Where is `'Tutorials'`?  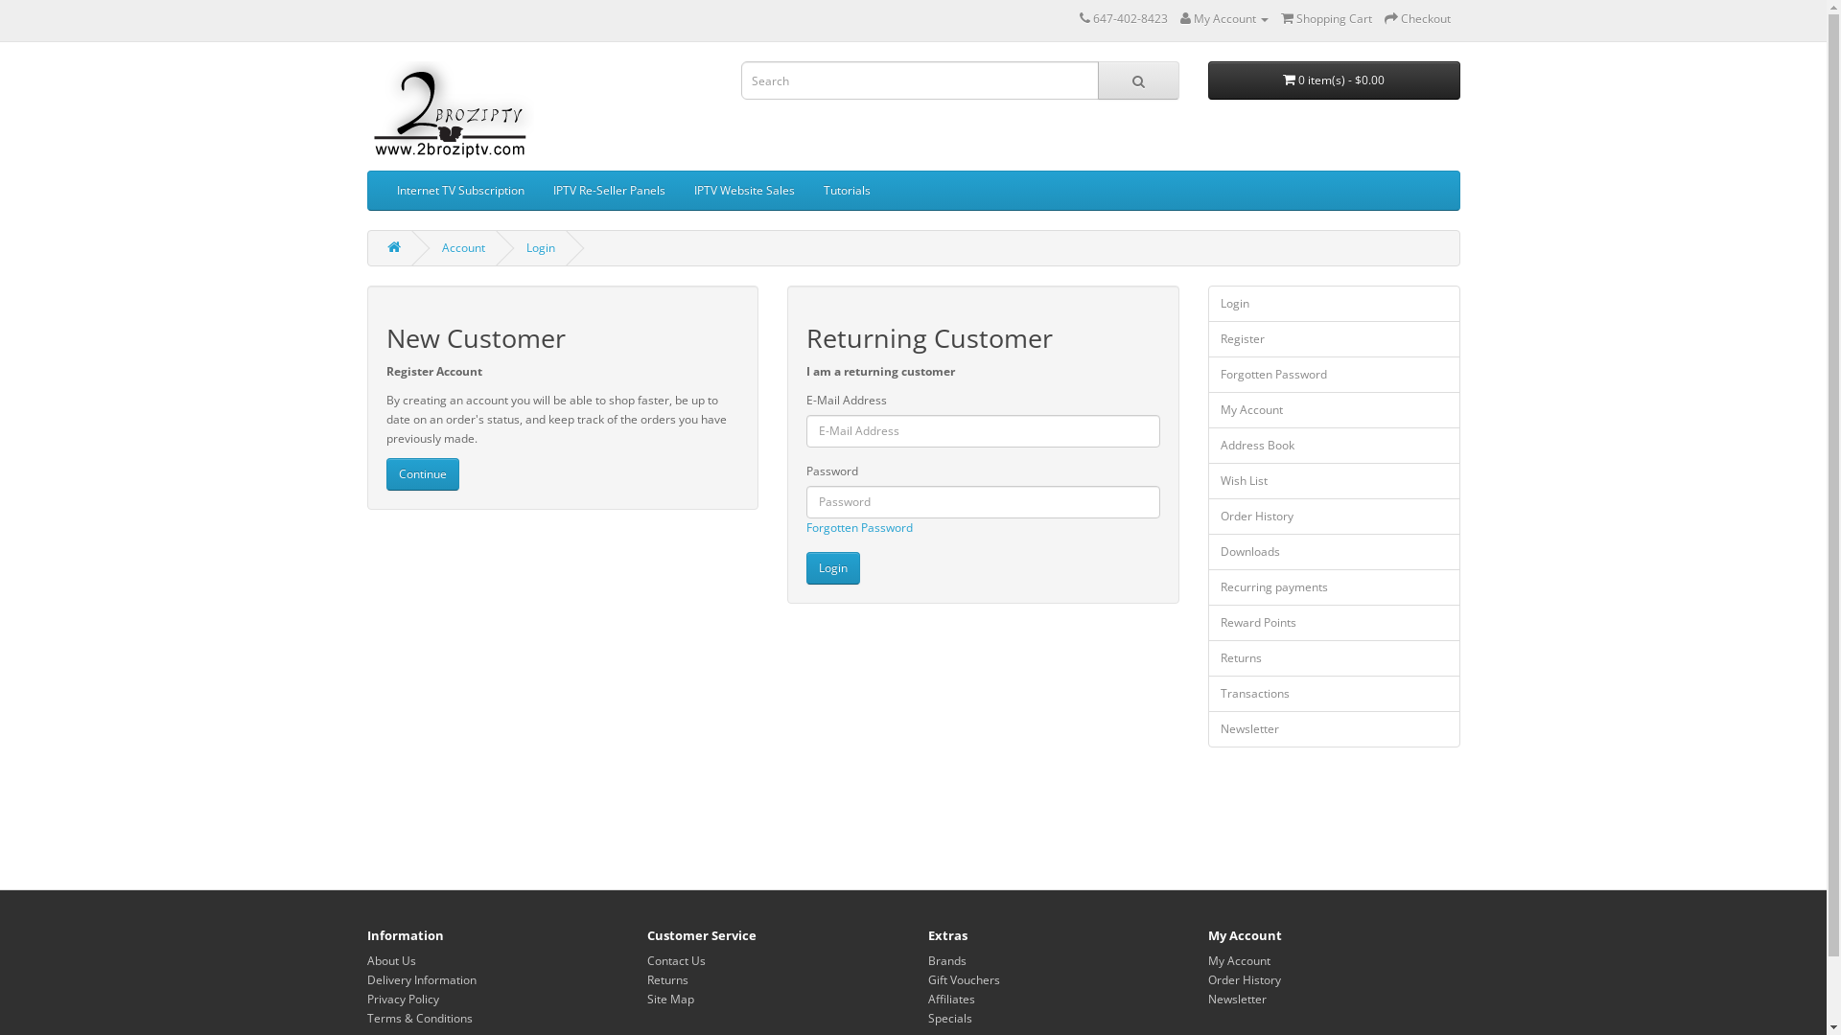 'Tutorials' is located at coordinates (846, 191).